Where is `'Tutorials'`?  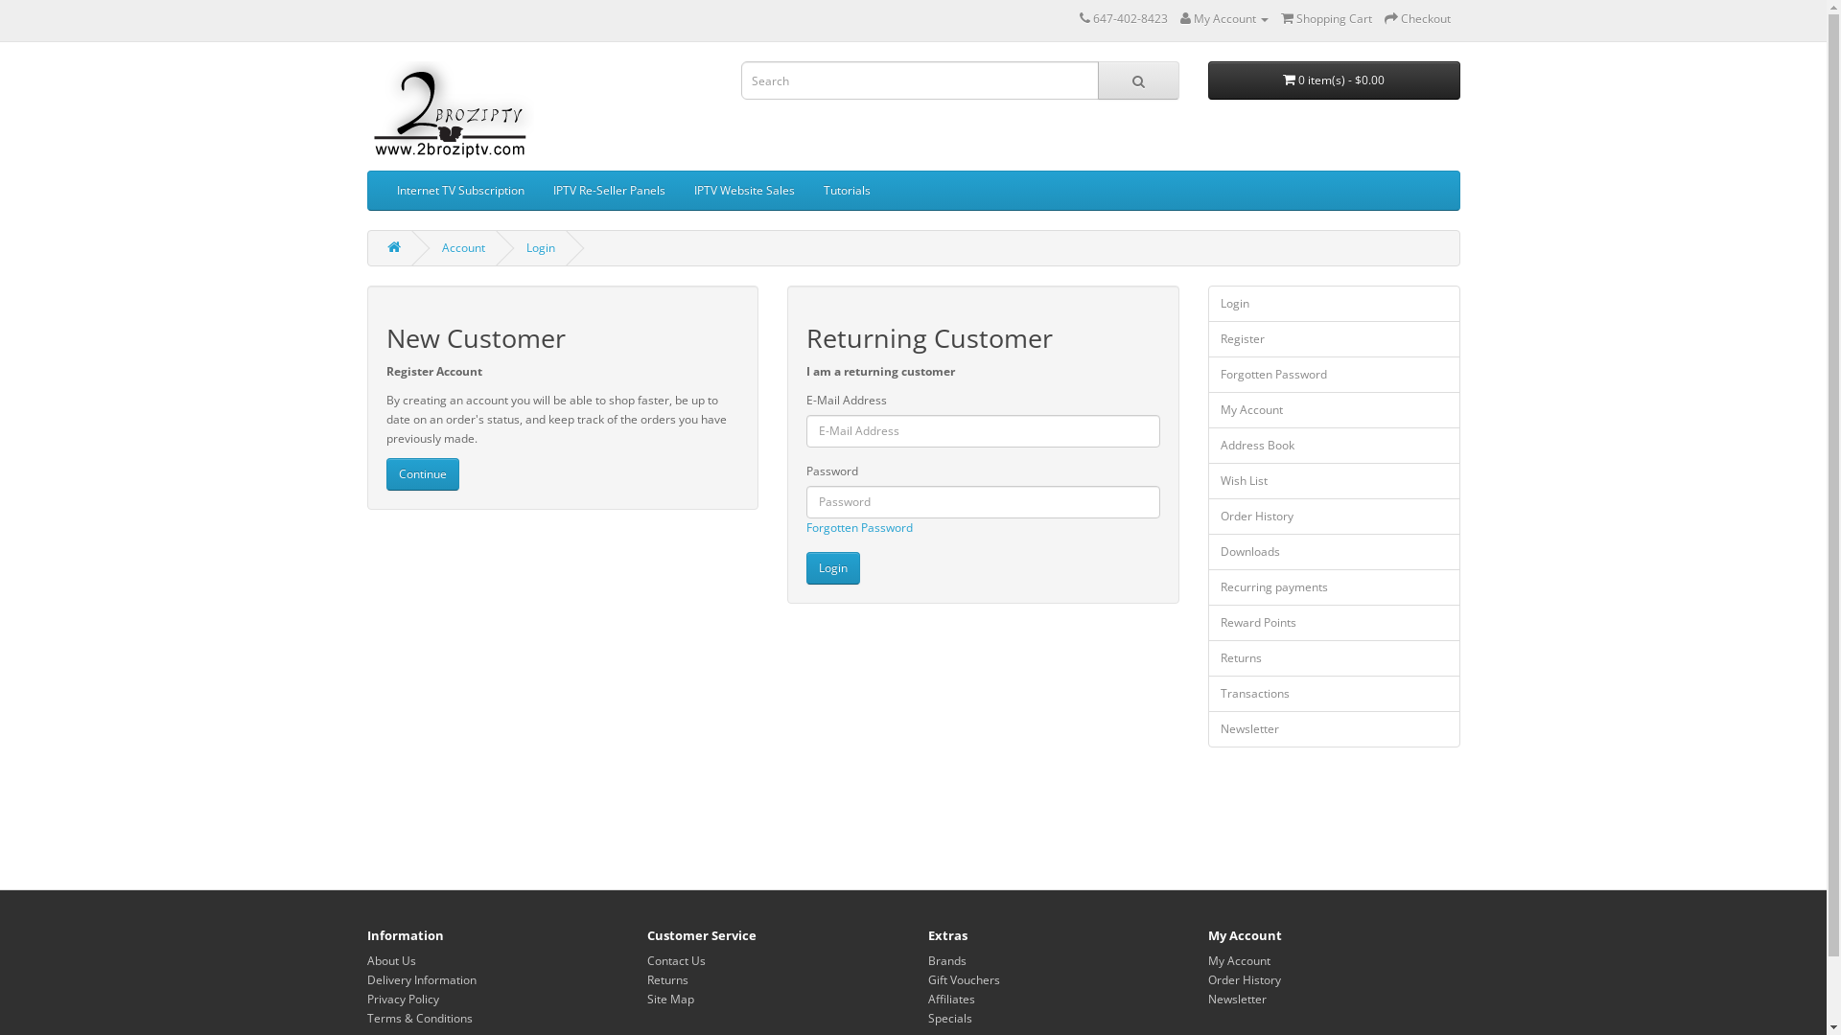 'Tutorials' is located at coordinates (846, 191).